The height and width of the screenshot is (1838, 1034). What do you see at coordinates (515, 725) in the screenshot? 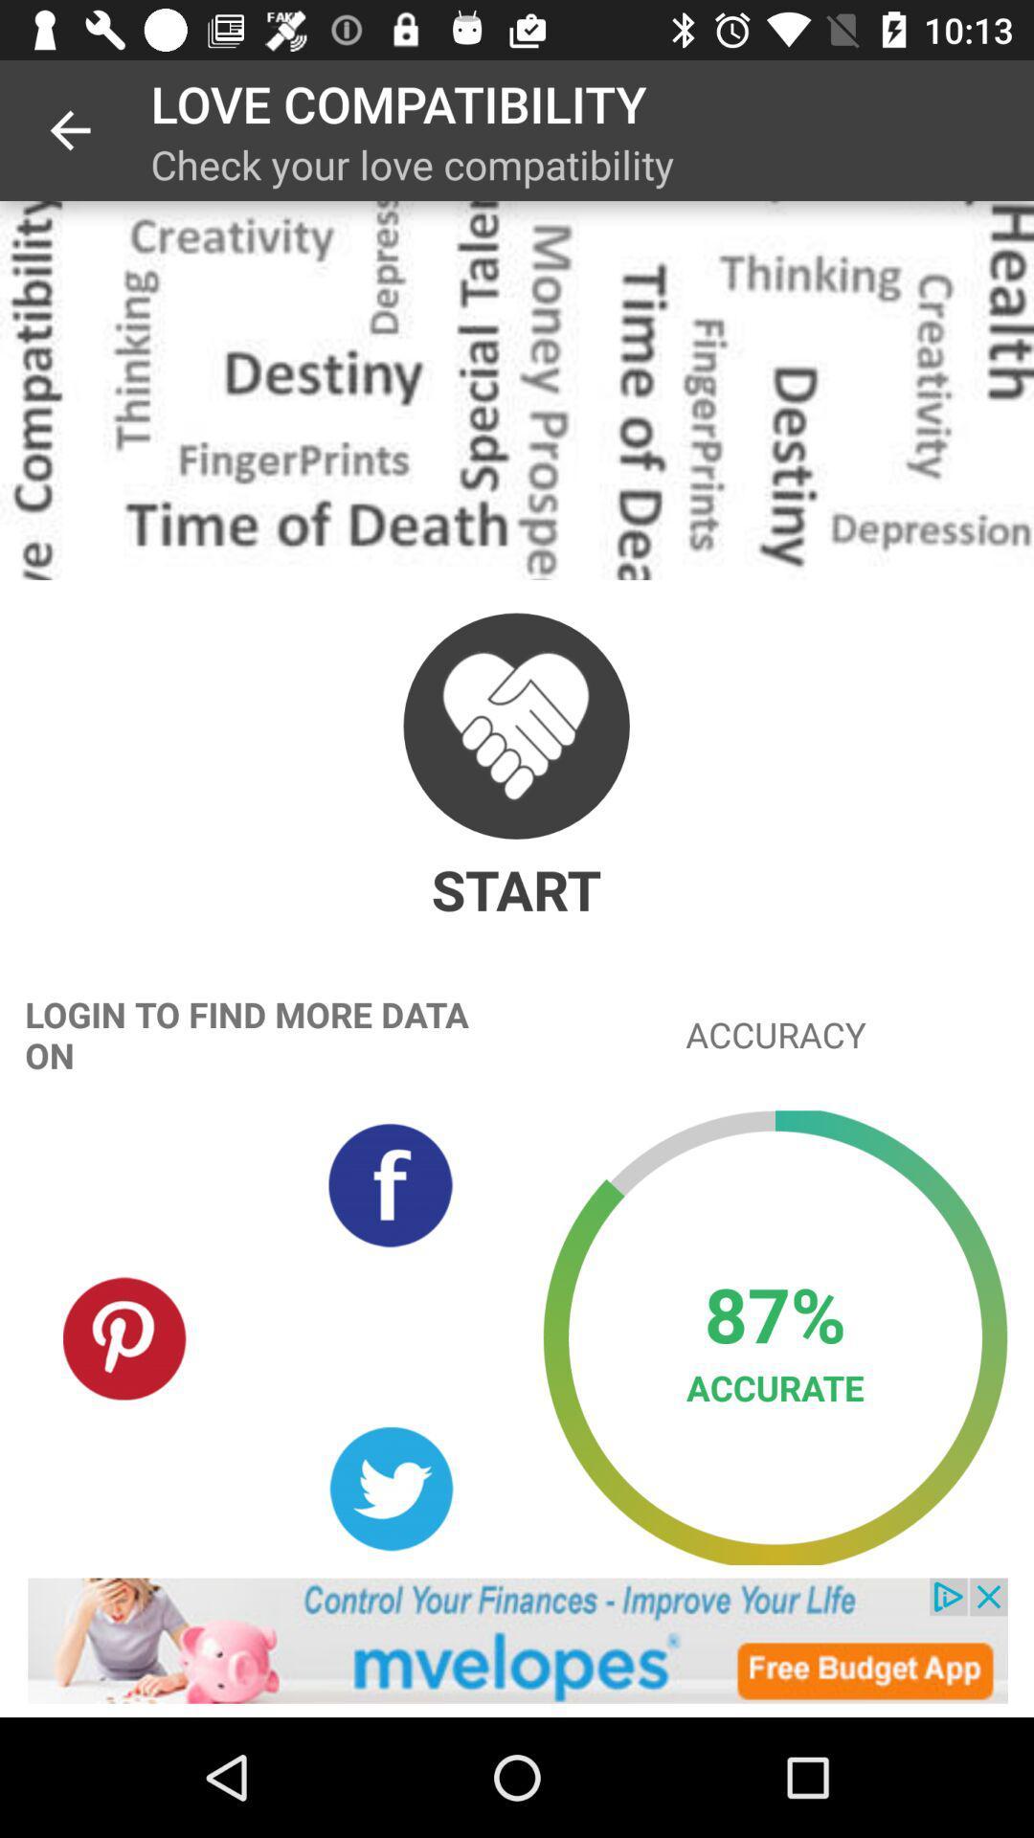
I see `start` at bounding box center [515, 725].